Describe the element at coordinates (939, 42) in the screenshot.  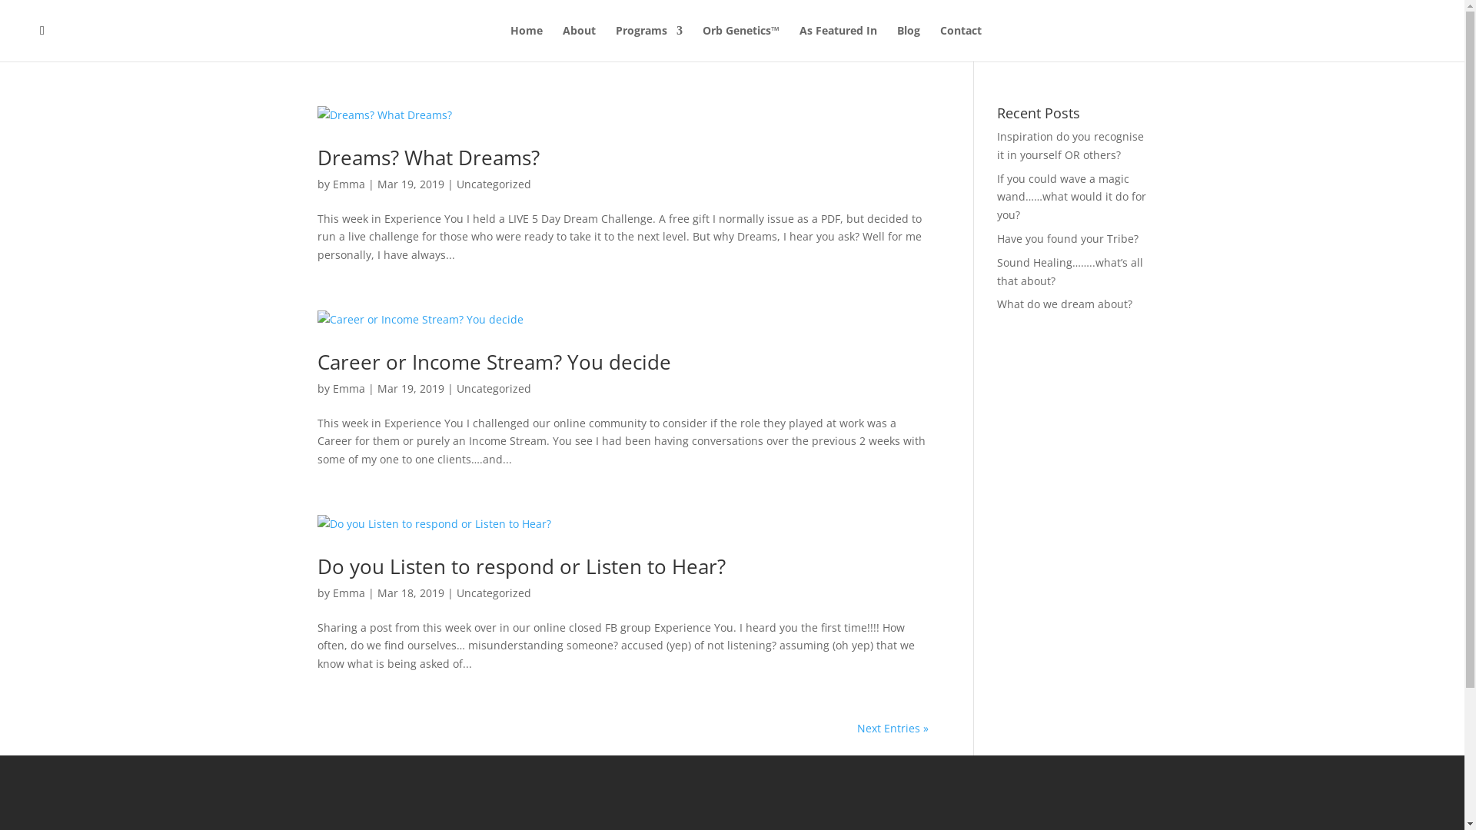
I see `'Contact'` at that location.